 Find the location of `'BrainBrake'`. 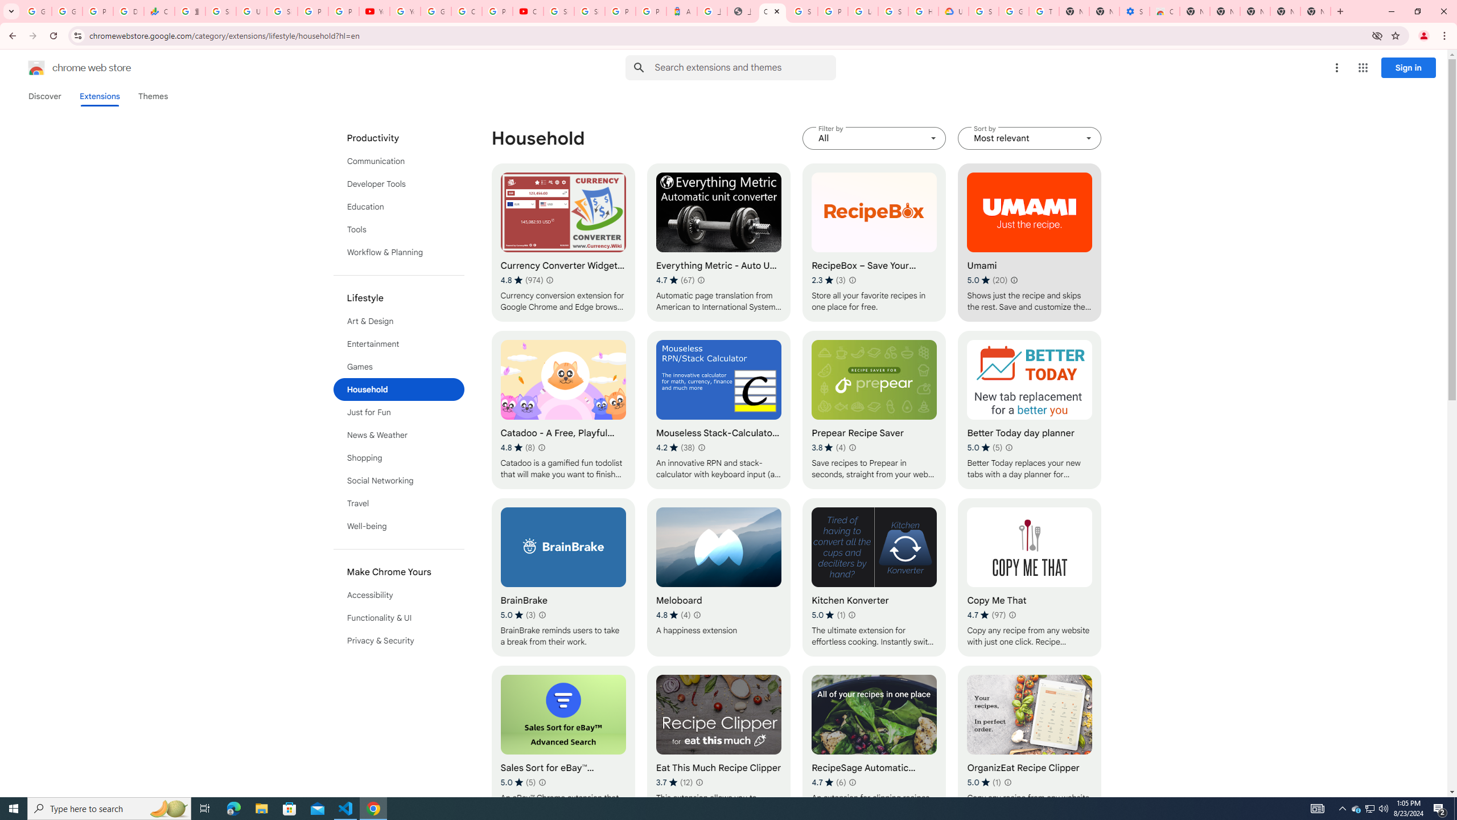

'BrainBrake' is located at coordinates (562, 577).